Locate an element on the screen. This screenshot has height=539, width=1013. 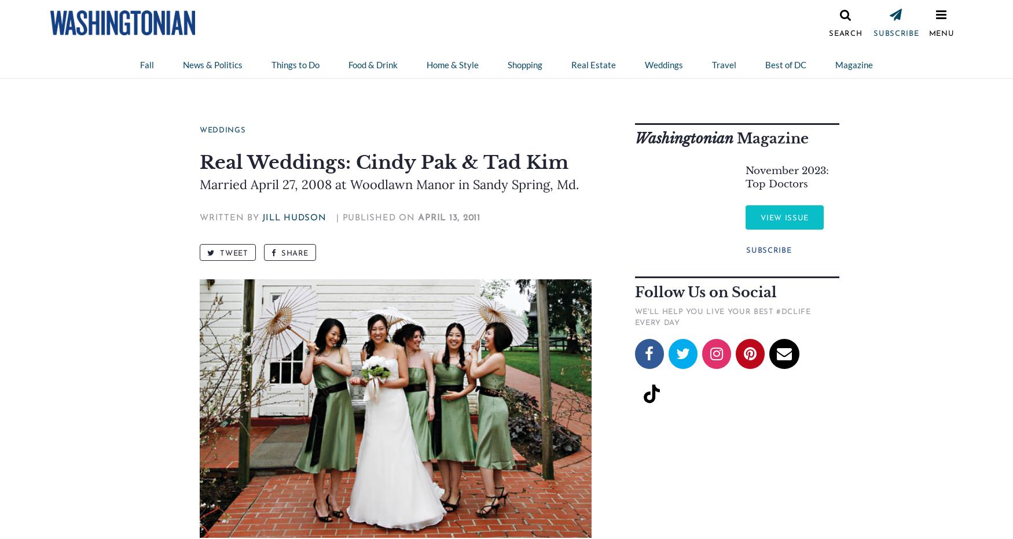
'News & Politics' is located at coordinates (212, 65).